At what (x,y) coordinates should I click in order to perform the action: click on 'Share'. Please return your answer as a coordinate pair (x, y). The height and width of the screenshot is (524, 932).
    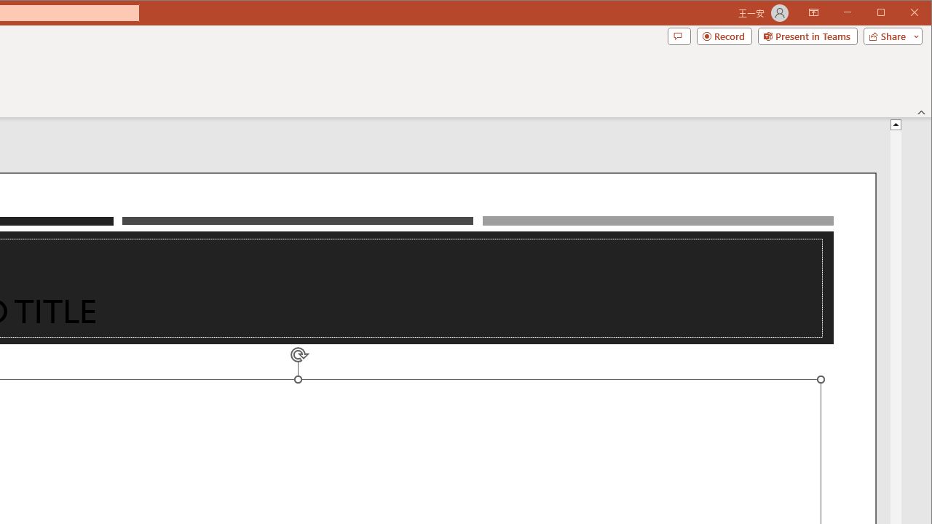
    Looking at the image, I should click on (889, 36).